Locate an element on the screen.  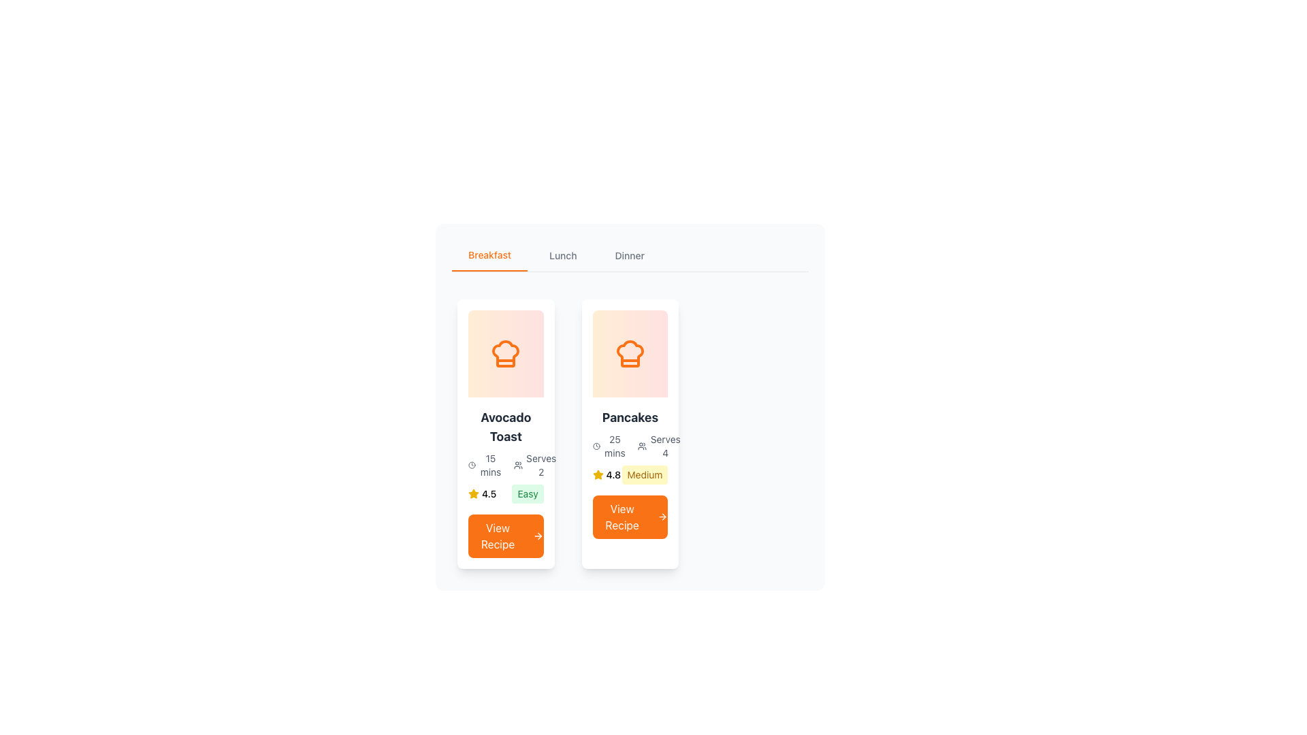
the information provided on the 'Medium' Badge, which is a rectangular badge with a yellow background located at the bottom of the 'Pancakes' recipe card is located at coordinates (644, 474).